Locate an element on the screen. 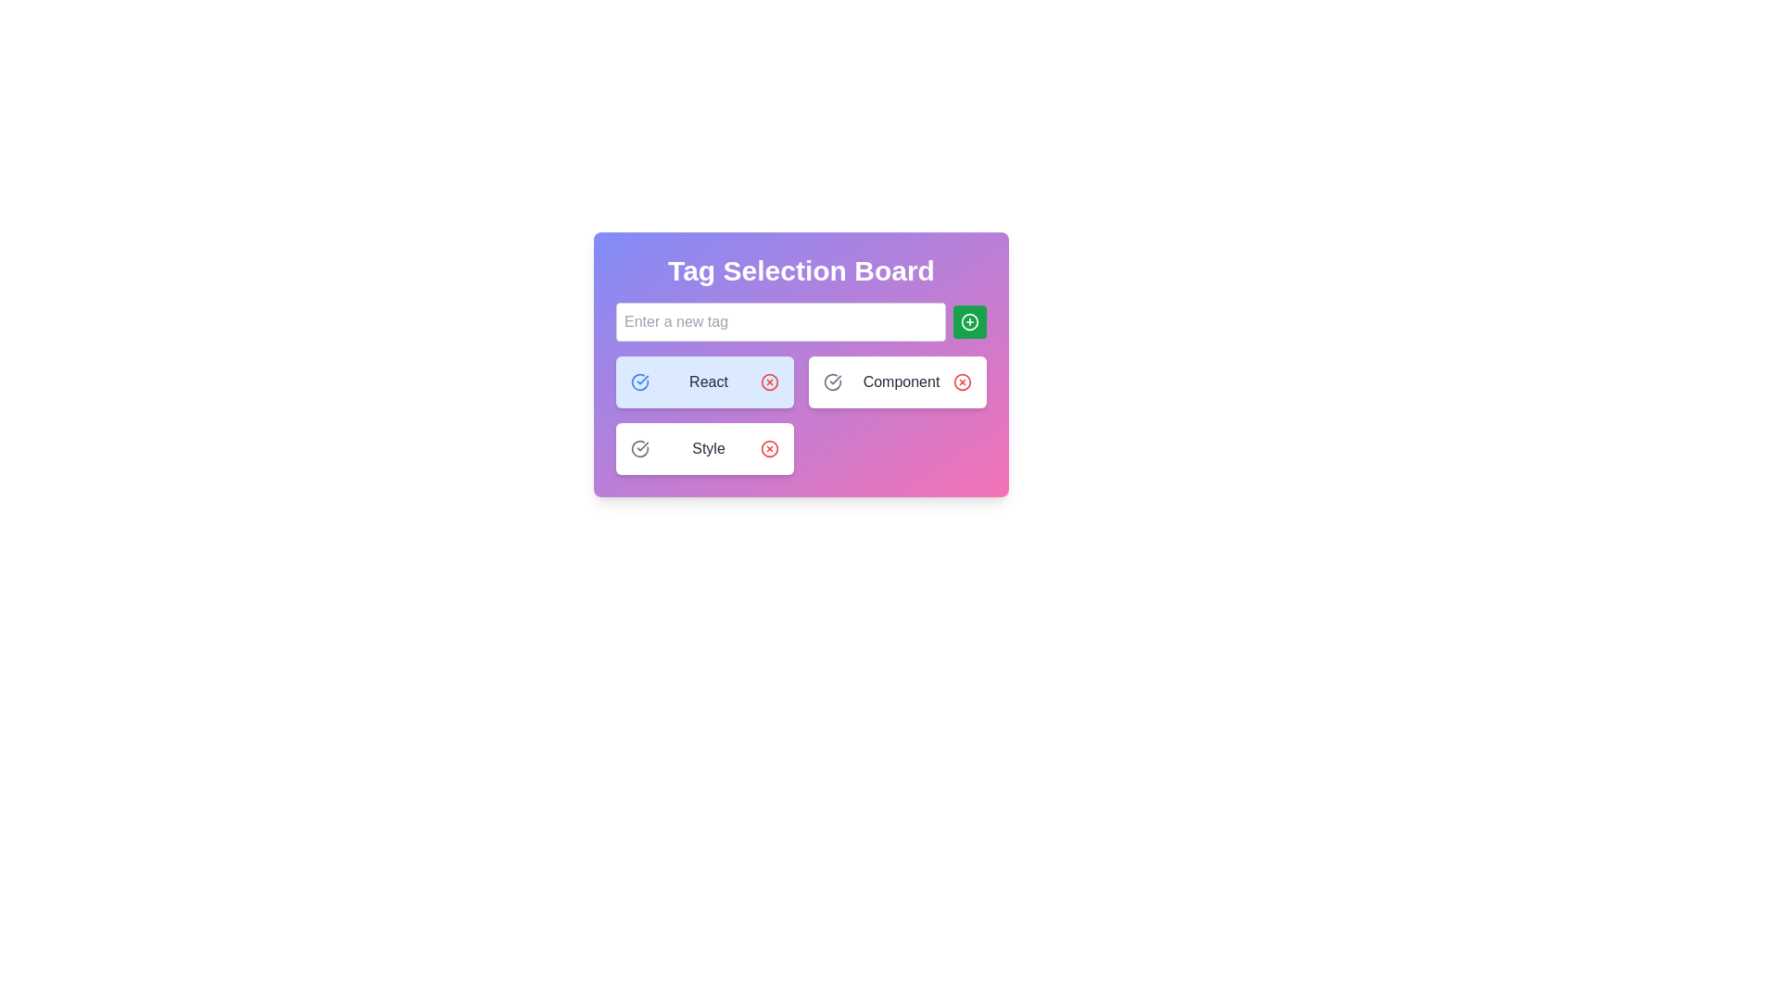 The width and height of the screenshot is (1779, 1000). the text label displaying 'React' in gray font color, which is the first tag in a horizontal list of tags with a light blue background and rounded borders is located at coordinates (707, 381).